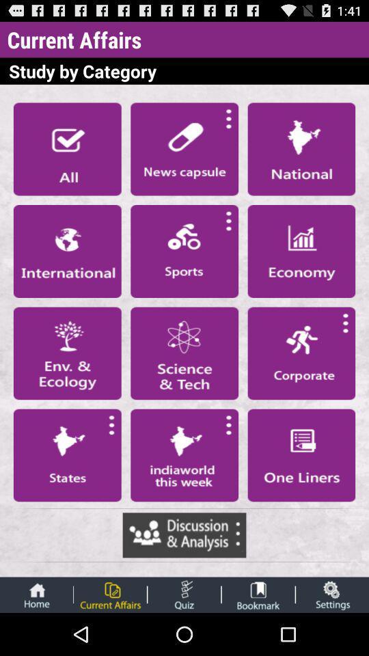 Image resolution: width=369 pixels, height=656 pixels. I want to click on science button, so click(184, 353).